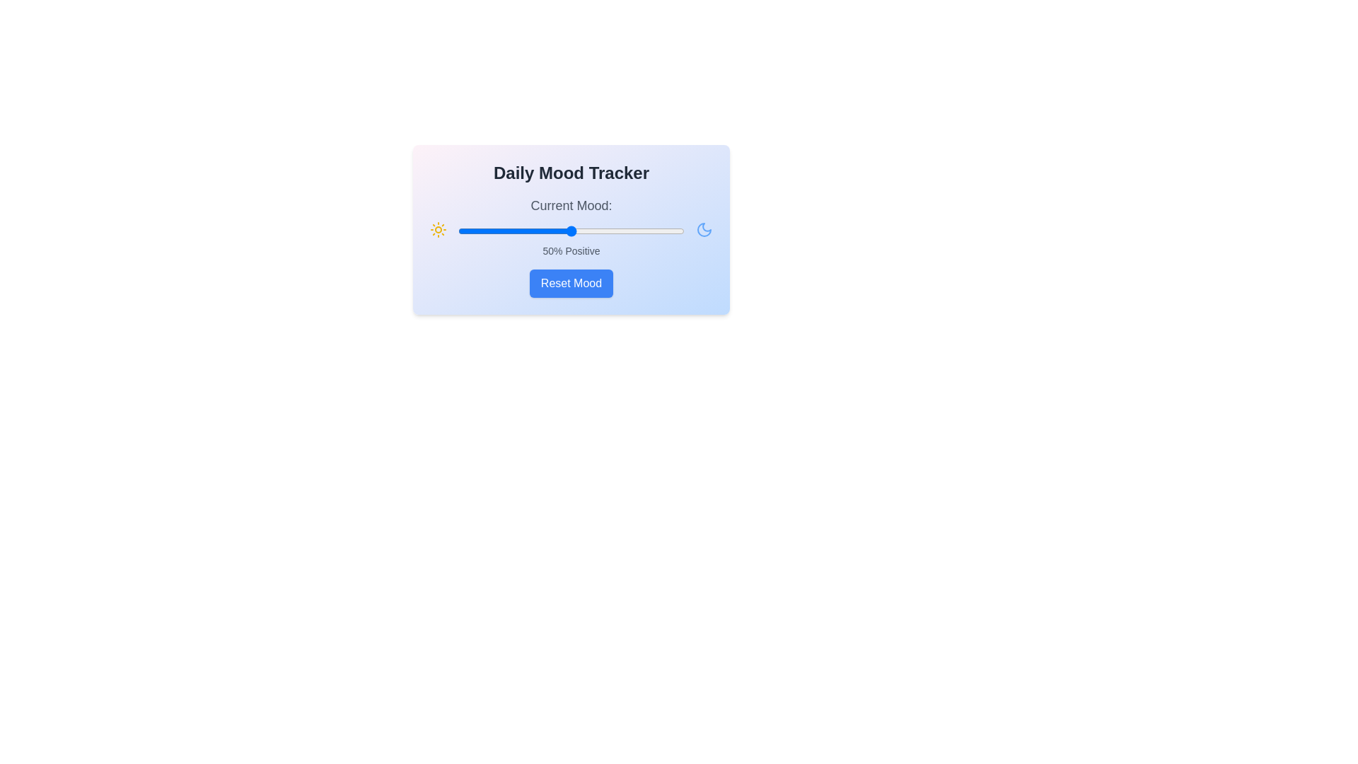 The image size is (1358, 764). What do you see at coordinates (666, 231) in the screenshot?
I see `the mood percentage` at bounding box center [666, 231].